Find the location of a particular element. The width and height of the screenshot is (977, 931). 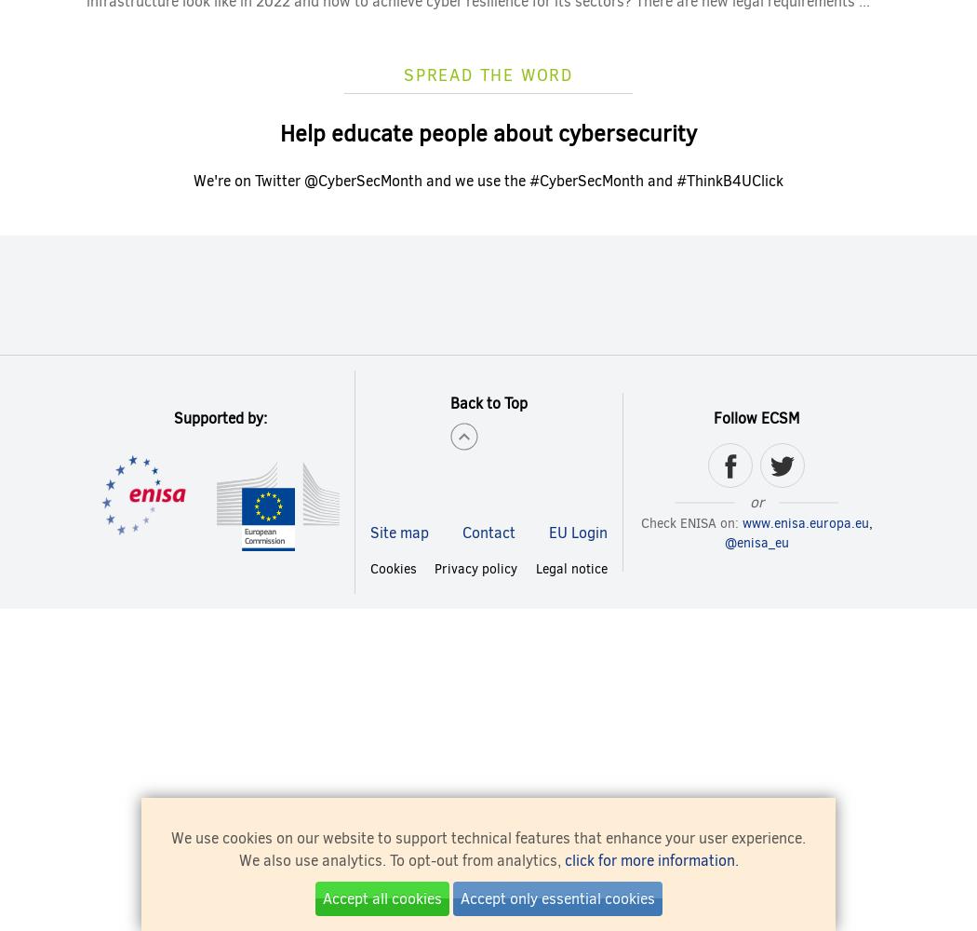

'We're on Twitter @CyberSecMonth and we use the #CyberSecMonth and
        #ThinkB4UClick' is located at coordinates (488, 179).